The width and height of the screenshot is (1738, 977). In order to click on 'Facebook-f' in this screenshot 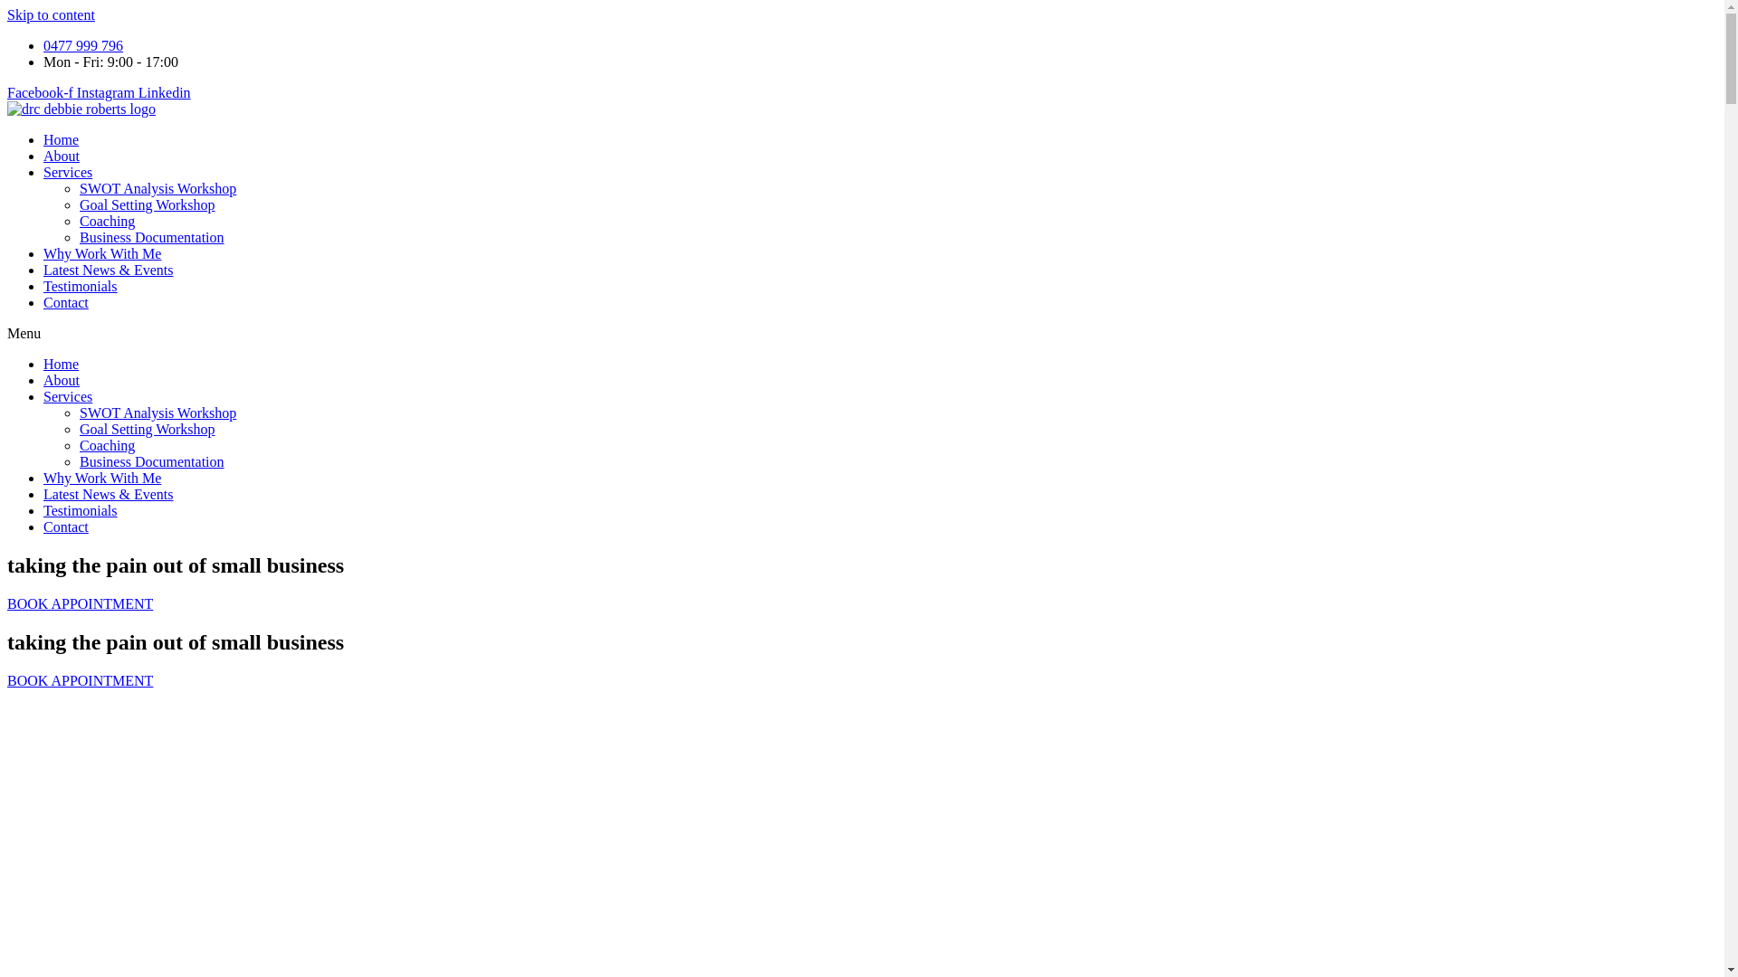, I will do `click(42, 92)`.